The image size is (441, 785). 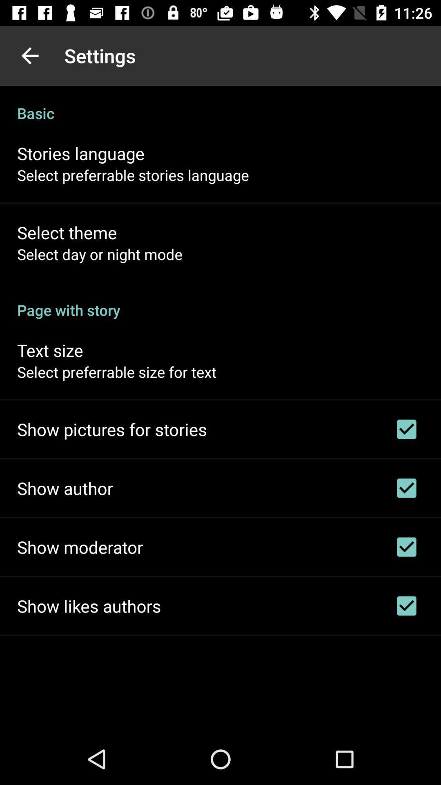 I want to click on the icon next to the settings app, so click(x=29, y=55).